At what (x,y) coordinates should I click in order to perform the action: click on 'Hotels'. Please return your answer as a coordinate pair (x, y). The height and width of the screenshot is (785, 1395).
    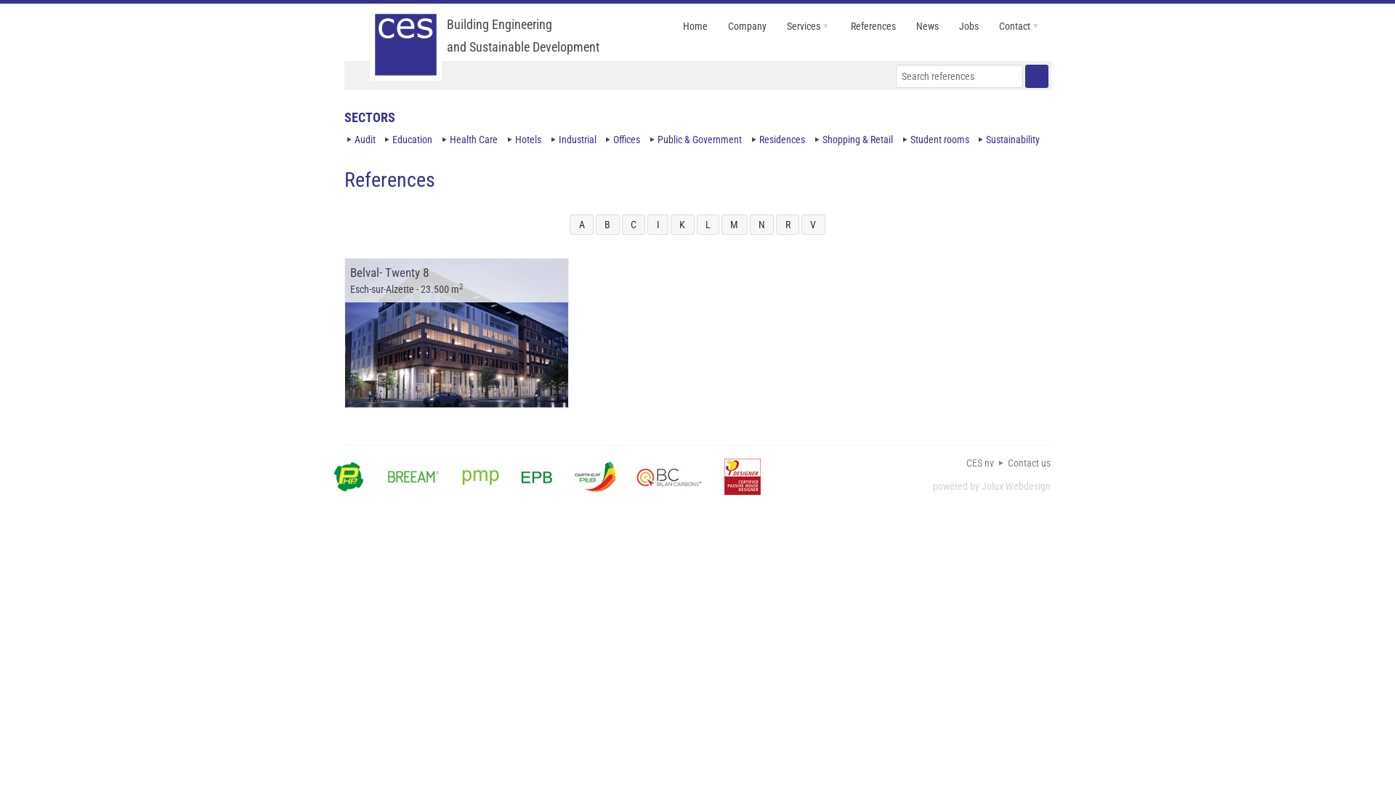
    Looking at the image, I should click on (527, 140).